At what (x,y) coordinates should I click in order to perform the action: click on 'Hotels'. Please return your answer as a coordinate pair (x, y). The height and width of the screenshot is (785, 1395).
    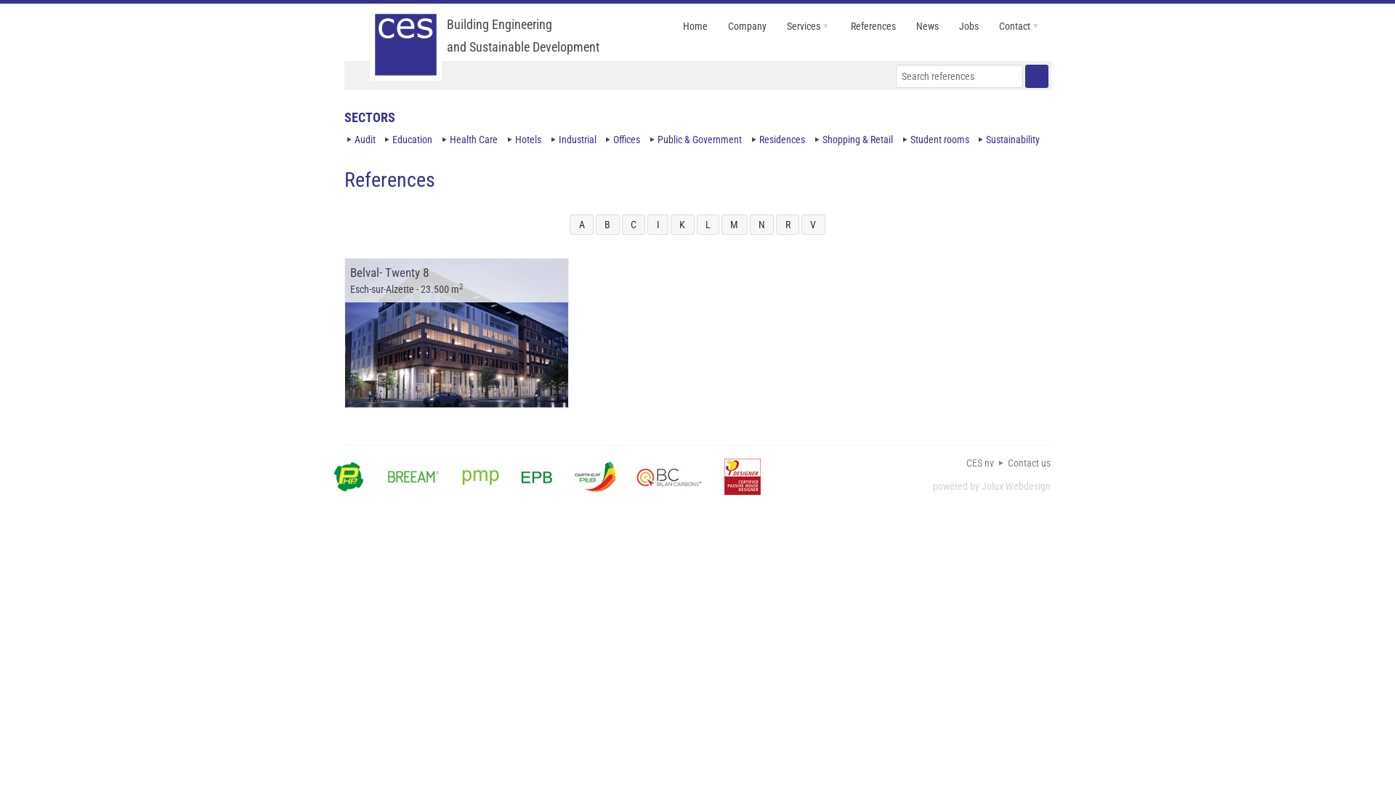
    Looking at the image, I should click on (527, 140).